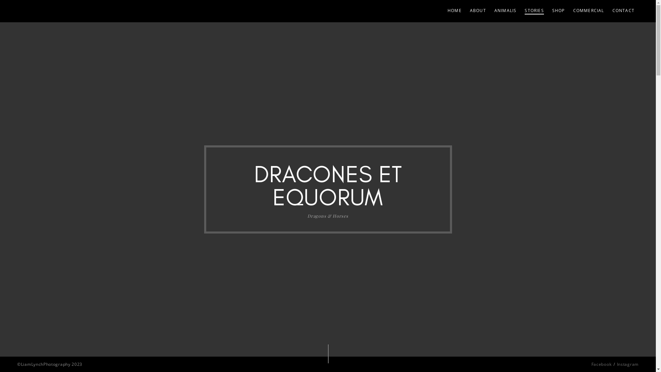 The image size is (661, 372). I want to click on 'Instagram', so click(617, 363).